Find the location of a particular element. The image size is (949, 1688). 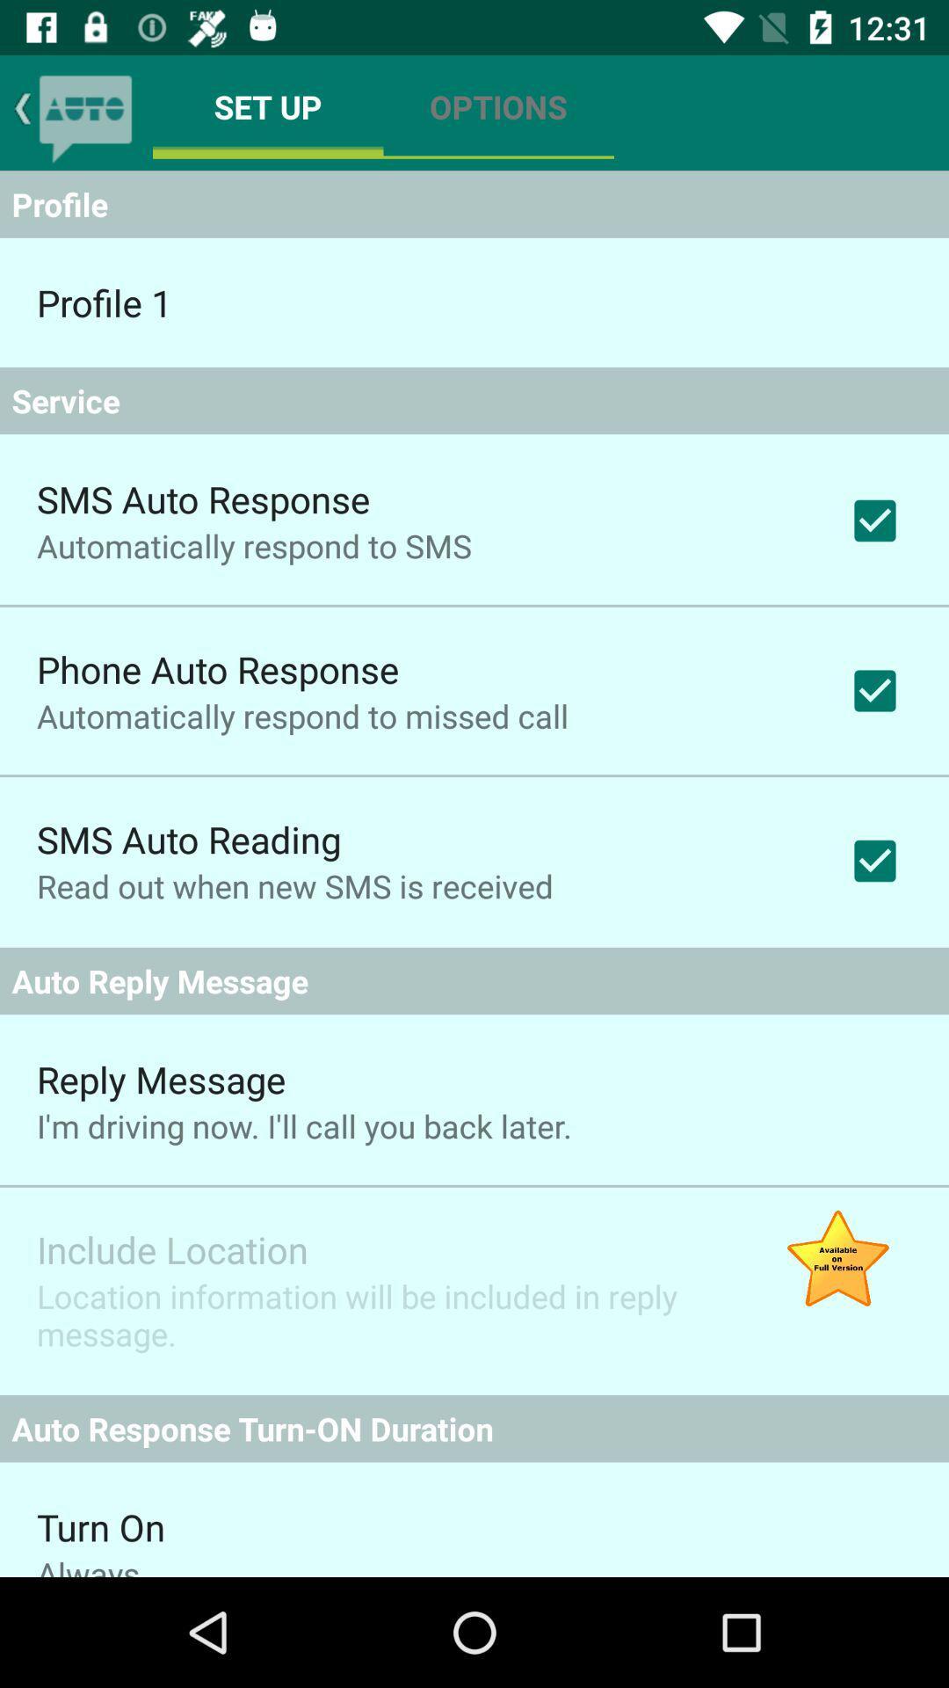

the app below the turn on item is located at coordinates (88, 1564).